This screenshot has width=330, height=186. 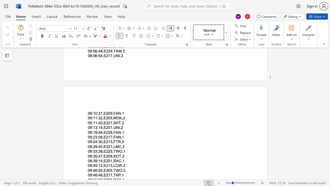 I want to click on the subset text "C," within the text "09:29:40,E221,LMC,3", so click(x=118, y=146).